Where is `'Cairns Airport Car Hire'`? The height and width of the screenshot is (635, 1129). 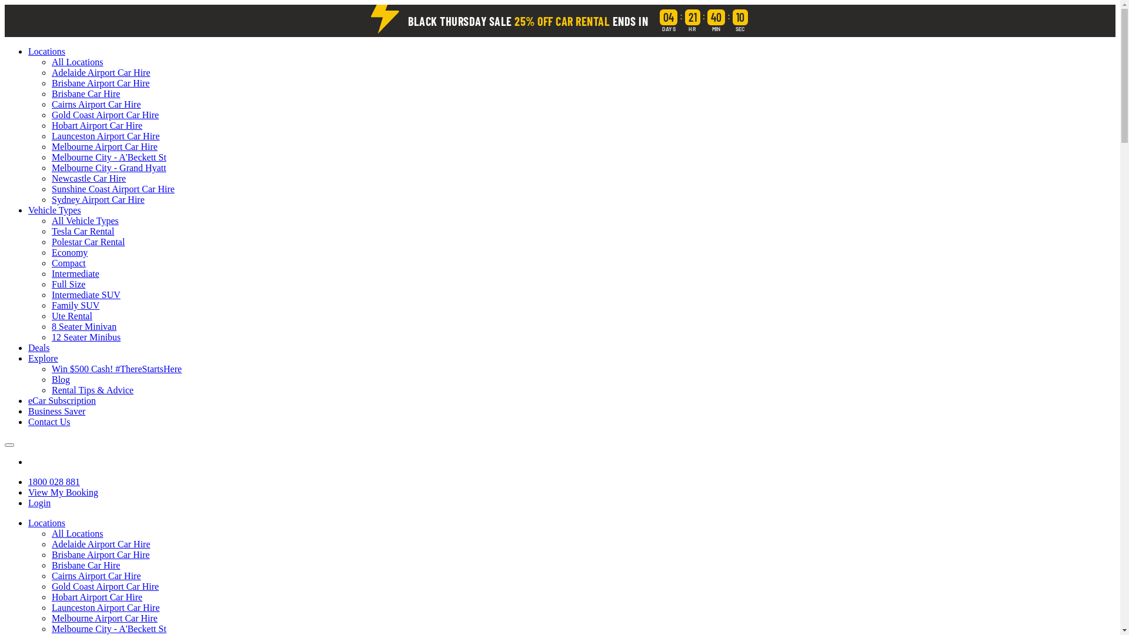 'Cairns Airport Car Hire' is located at coordinates (96, 103).